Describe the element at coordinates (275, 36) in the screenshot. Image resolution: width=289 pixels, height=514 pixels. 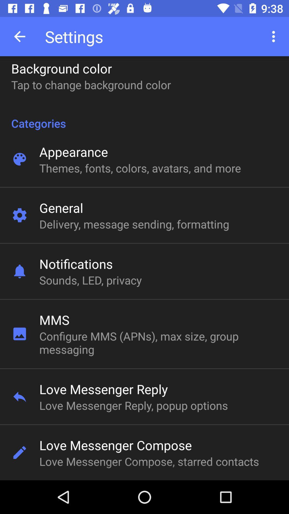
I see `the icon next to settings item` at that location.